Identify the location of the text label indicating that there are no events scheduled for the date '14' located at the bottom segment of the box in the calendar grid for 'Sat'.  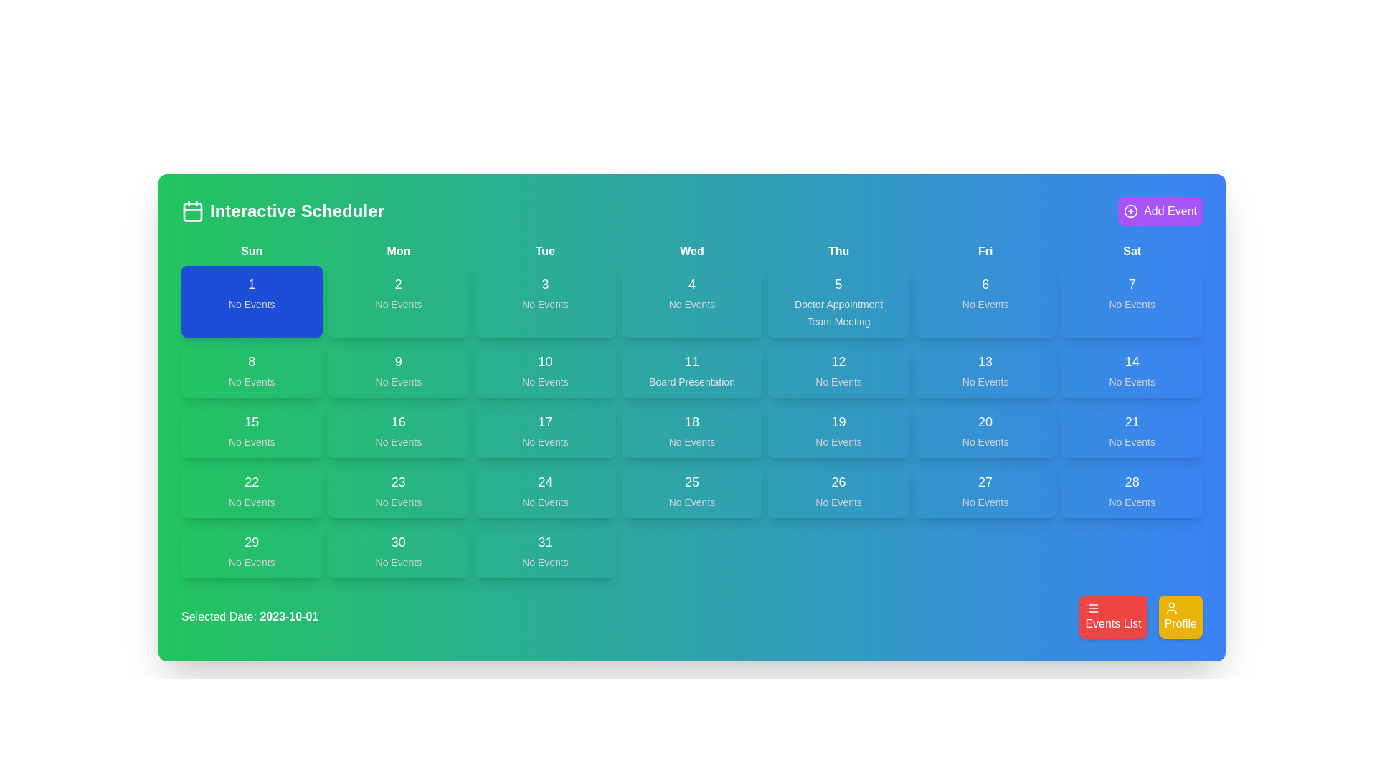
(1131, 381).